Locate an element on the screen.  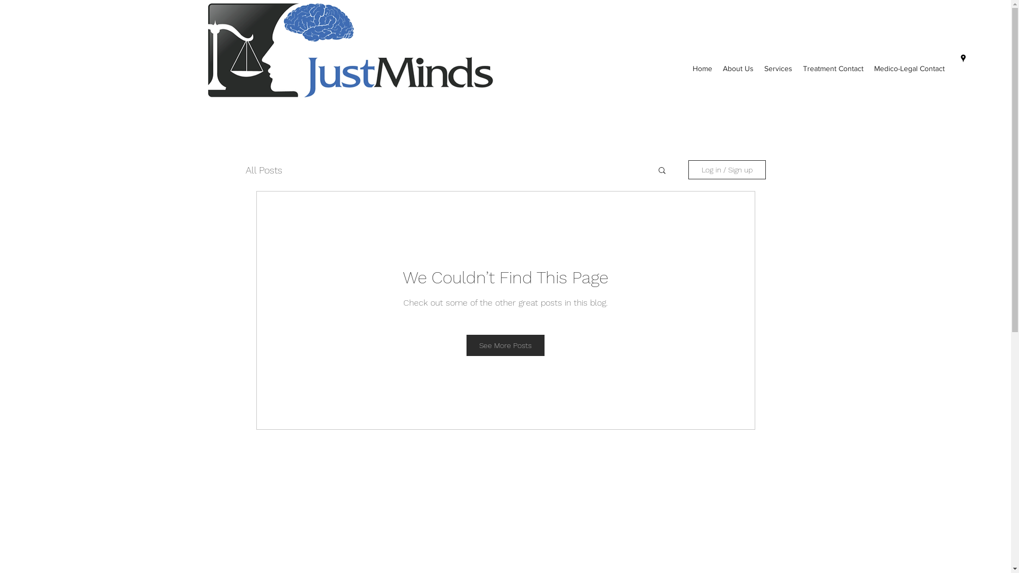
'Home' is located at coordinates (687, 68).